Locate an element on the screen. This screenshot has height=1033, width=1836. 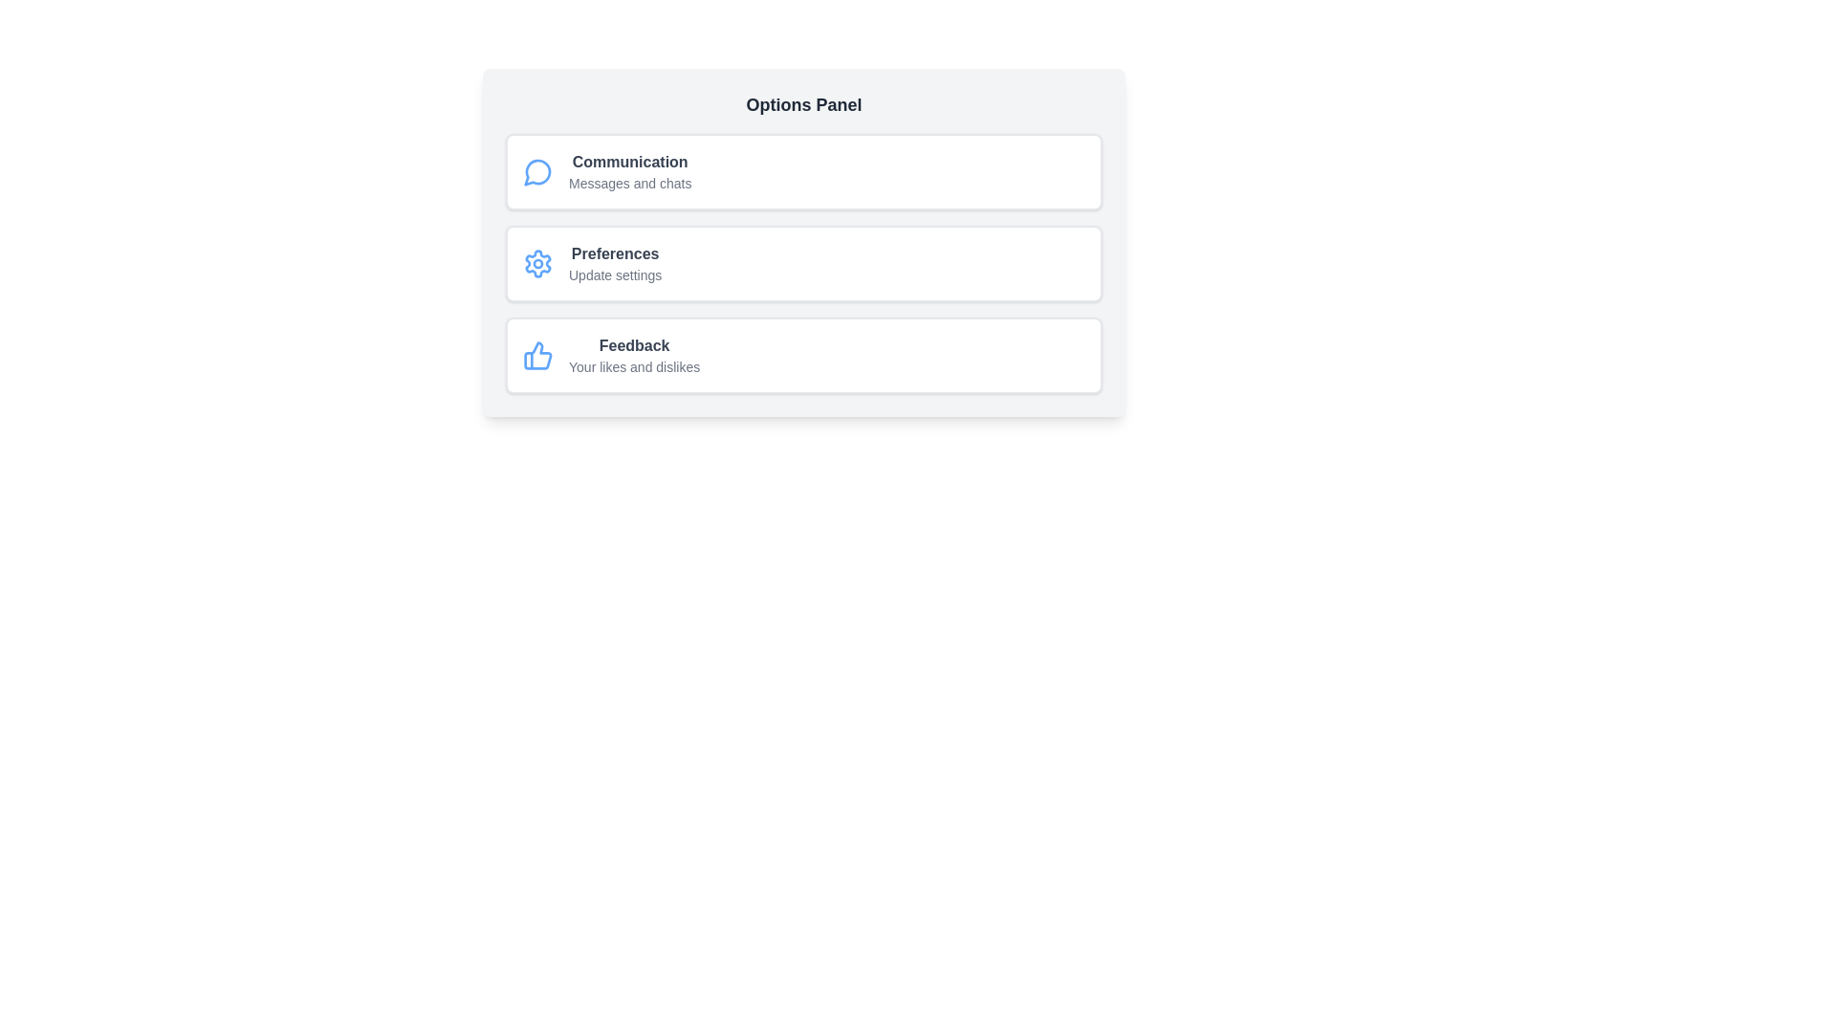
the list item corresponding to Communication is located at coordinates (803, 172).